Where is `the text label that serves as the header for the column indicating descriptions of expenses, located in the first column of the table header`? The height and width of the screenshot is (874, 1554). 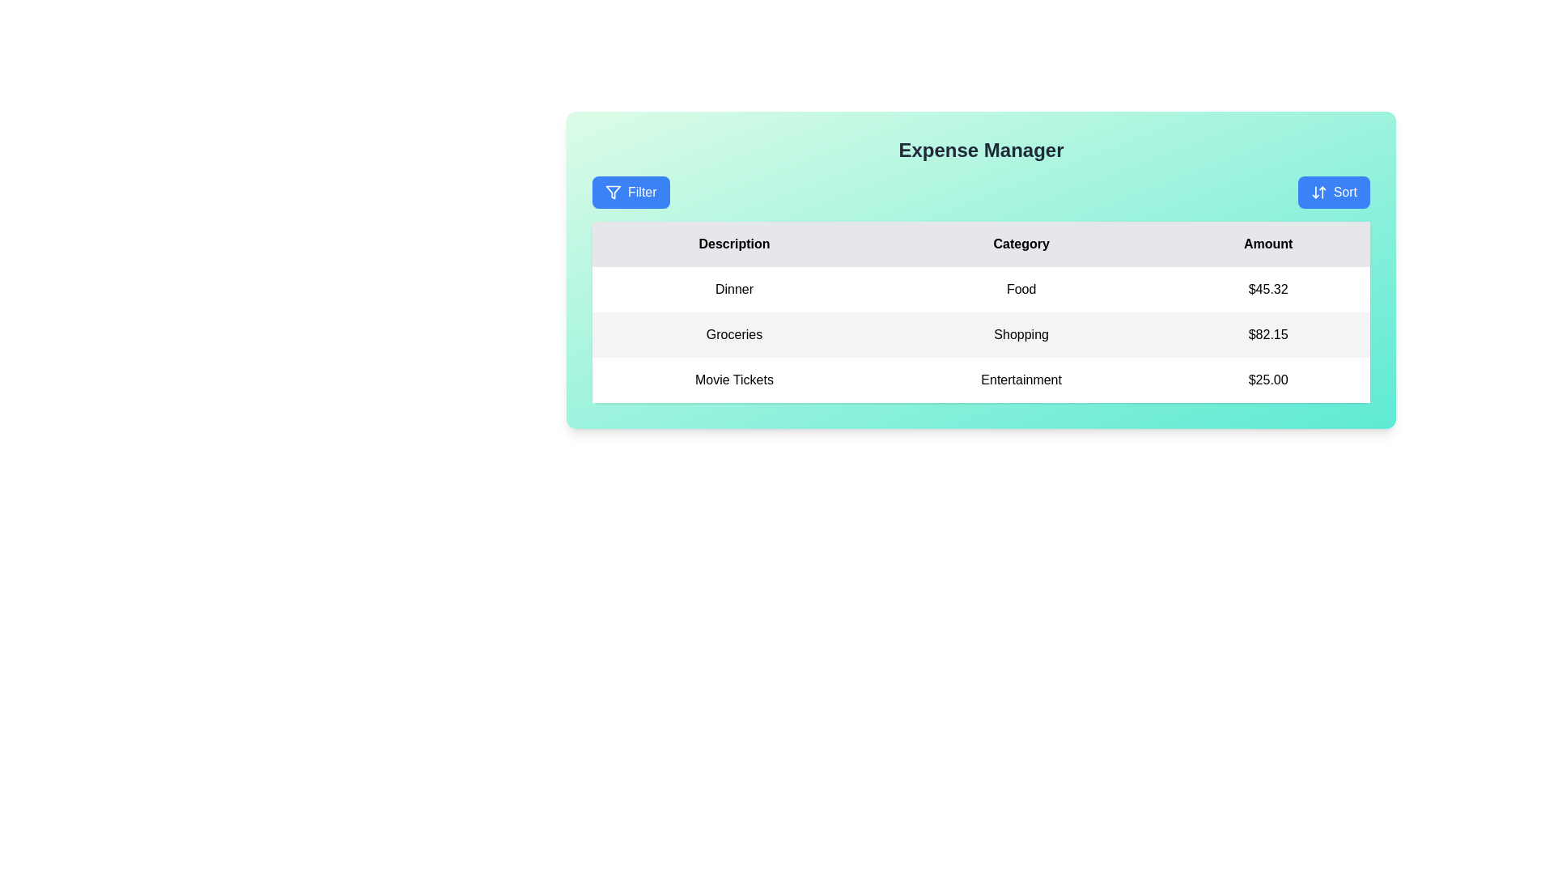
the text label that serves as the header for the column indicating descriptions of expenses, located in the first column of the table header is located at coordinates (733, 244).